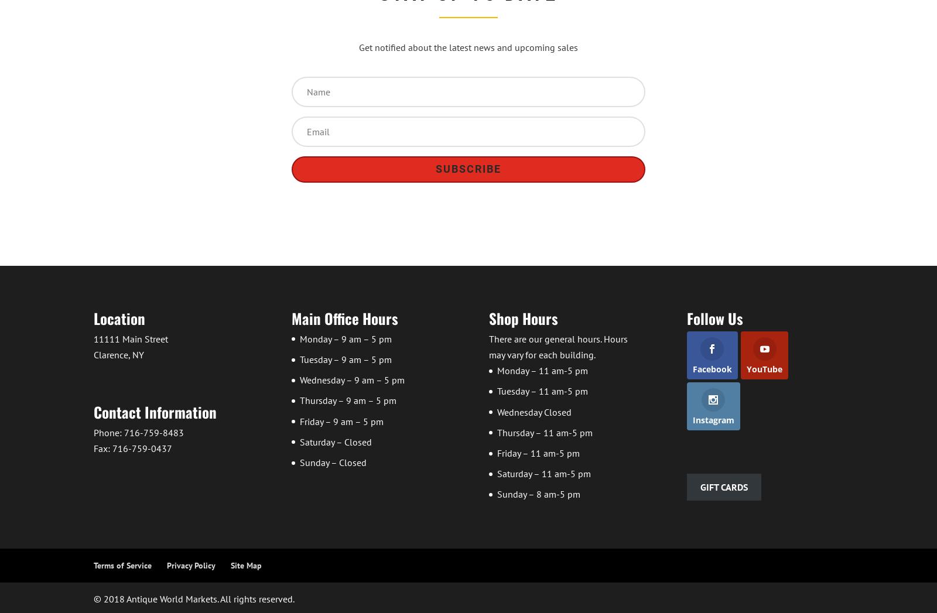 The image size is (937, 613). What do you see at coordinates (194, 599) in the screenshot?
I see `'© 2018 Antique World Markets. All rights reserved.'` at bounding box center [194, 599].